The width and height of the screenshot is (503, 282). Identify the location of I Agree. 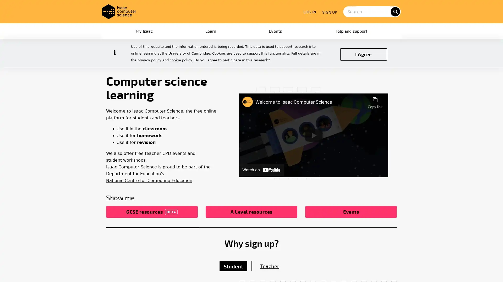
(363, 54).